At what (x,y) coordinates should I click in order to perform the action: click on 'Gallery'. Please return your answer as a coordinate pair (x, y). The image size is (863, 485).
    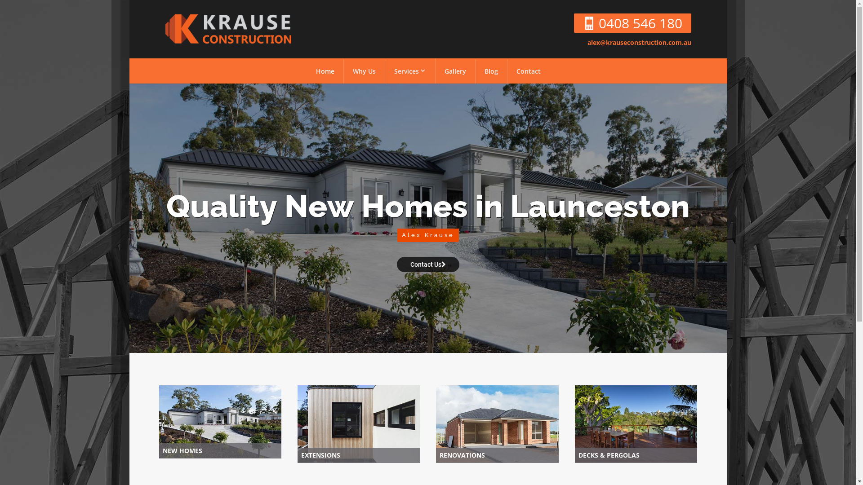
    Looking at the image, I should click on (455, 71).